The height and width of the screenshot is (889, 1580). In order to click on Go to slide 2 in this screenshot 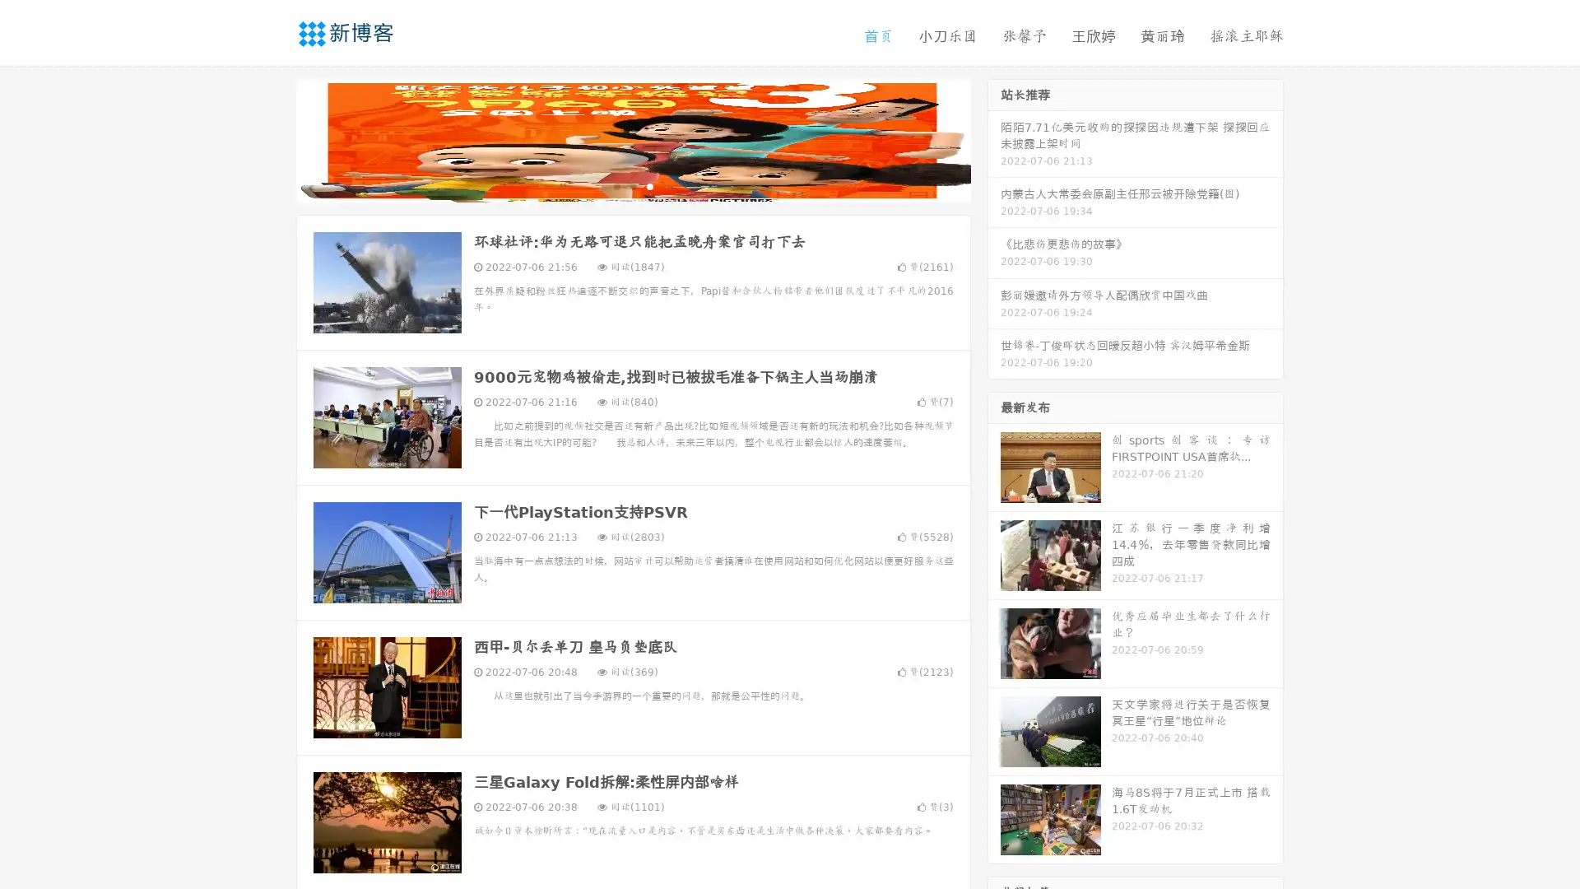, I will do `click(632, 185)`.